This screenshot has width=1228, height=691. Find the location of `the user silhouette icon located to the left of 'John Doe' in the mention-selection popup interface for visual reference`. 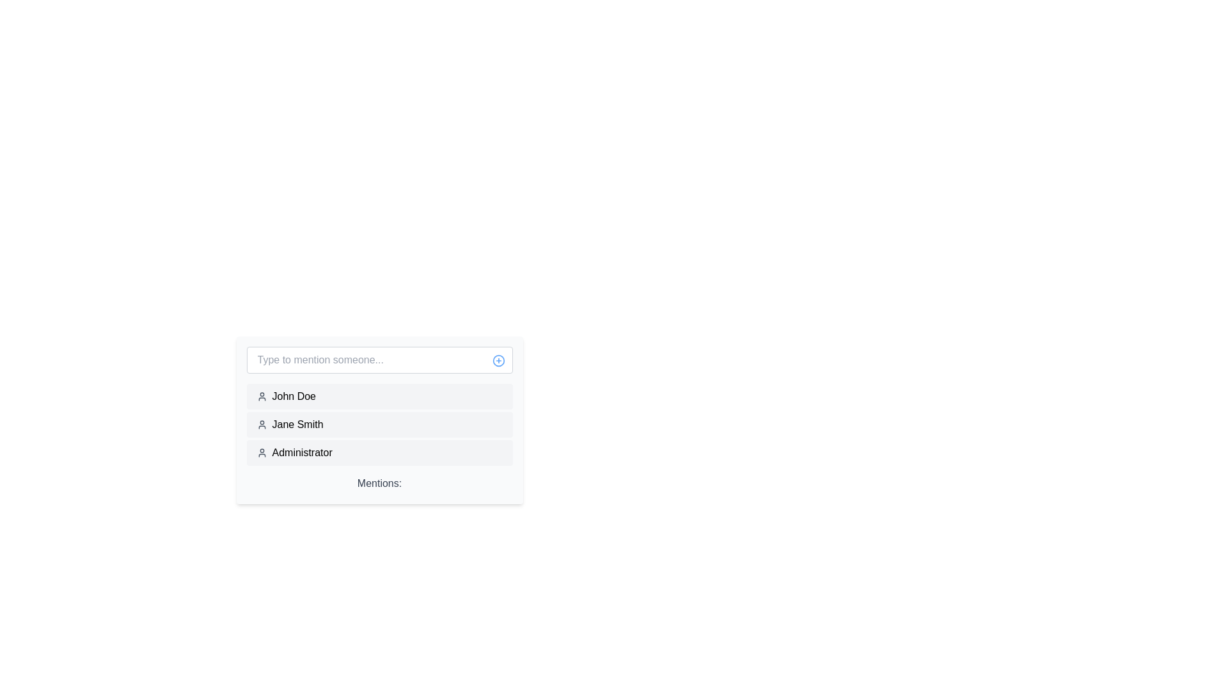

the user silhouette icon located to the left of 'John Doe' in the mention-selection popup interface for visual reference is located at coordinates (261, 396).